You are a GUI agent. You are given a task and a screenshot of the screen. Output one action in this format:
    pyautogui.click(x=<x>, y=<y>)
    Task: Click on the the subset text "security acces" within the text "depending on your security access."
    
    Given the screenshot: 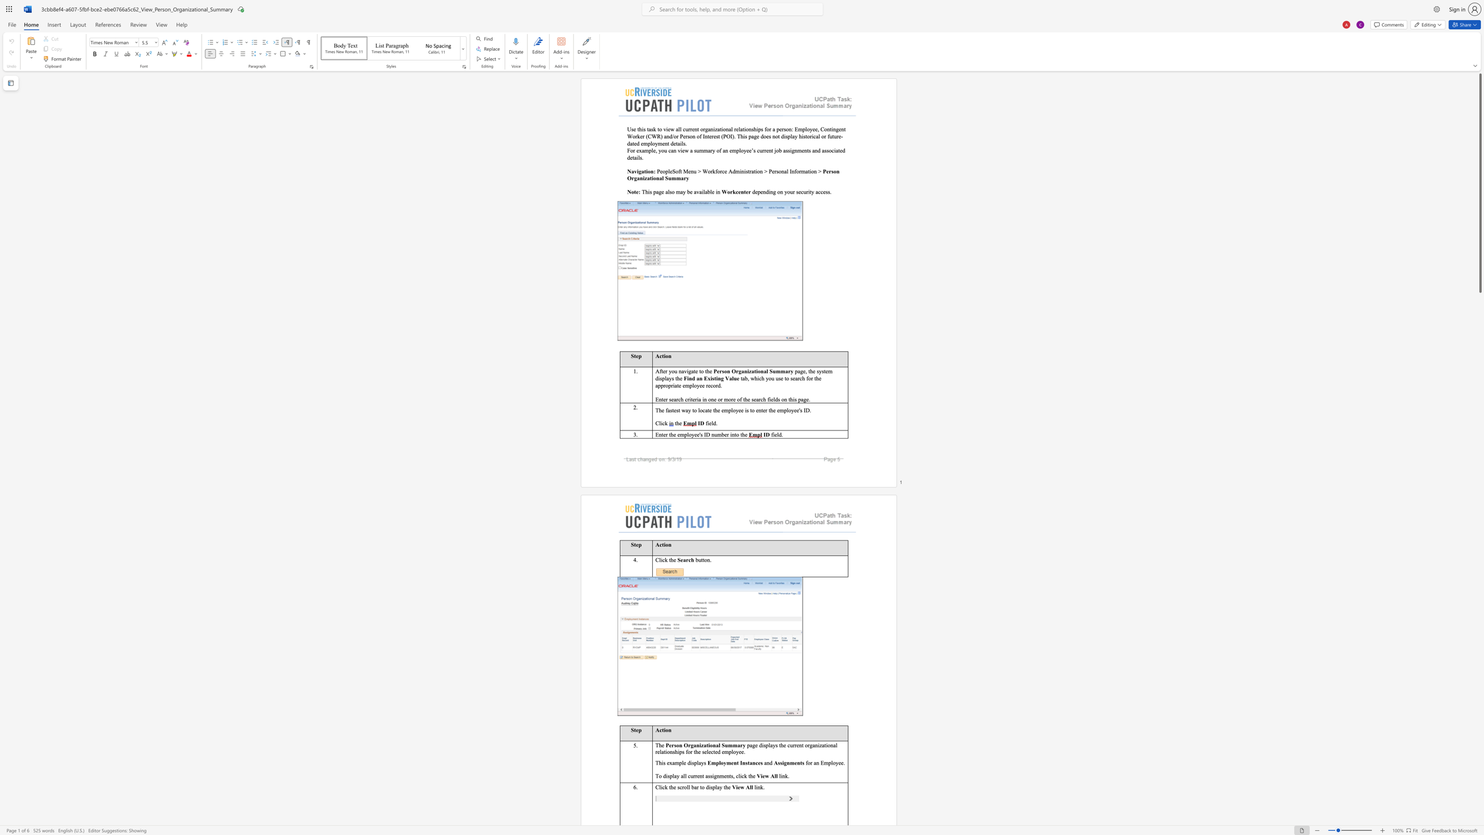 What is the action you would take?
    pyautogui.click(x=796, y=191)
    